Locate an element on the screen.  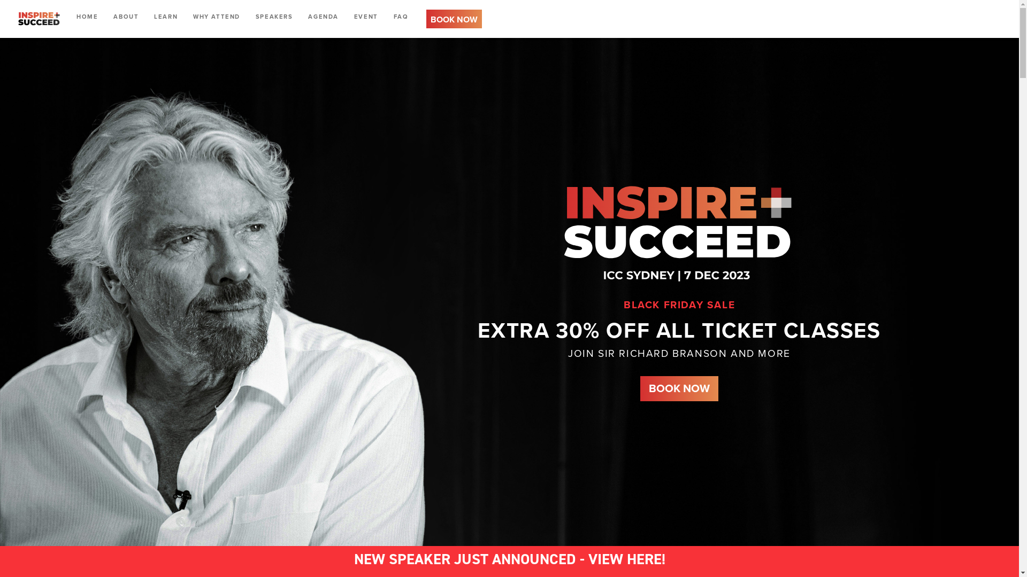
'HOME' is located at coordinates (87, 16).